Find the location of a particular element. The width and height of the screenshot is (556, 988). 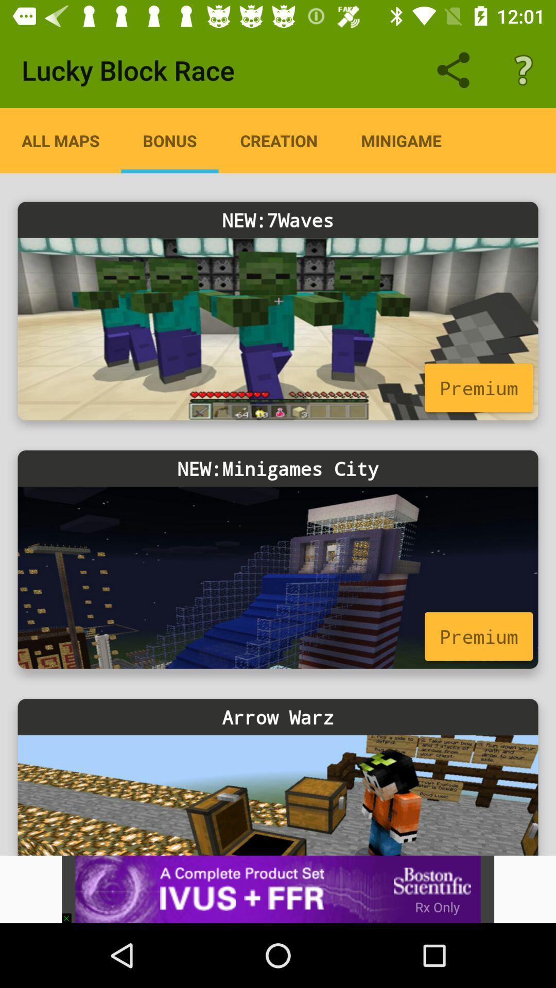

the minigame item is located at coordinates (401, 140).